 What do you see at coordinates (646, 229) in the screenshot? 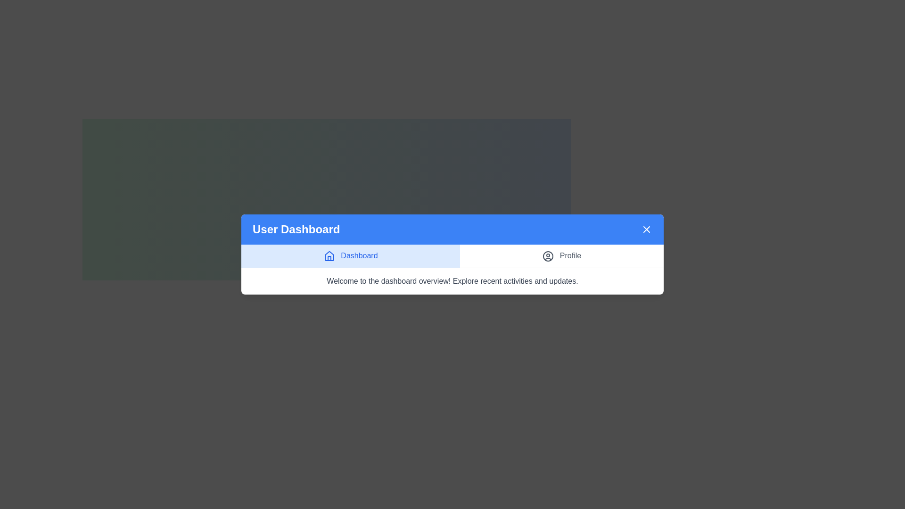
I see `the diagonal cross symbol ('X') located in the top-right corner of the blue navigation bar` at bounding box center [646, 229].